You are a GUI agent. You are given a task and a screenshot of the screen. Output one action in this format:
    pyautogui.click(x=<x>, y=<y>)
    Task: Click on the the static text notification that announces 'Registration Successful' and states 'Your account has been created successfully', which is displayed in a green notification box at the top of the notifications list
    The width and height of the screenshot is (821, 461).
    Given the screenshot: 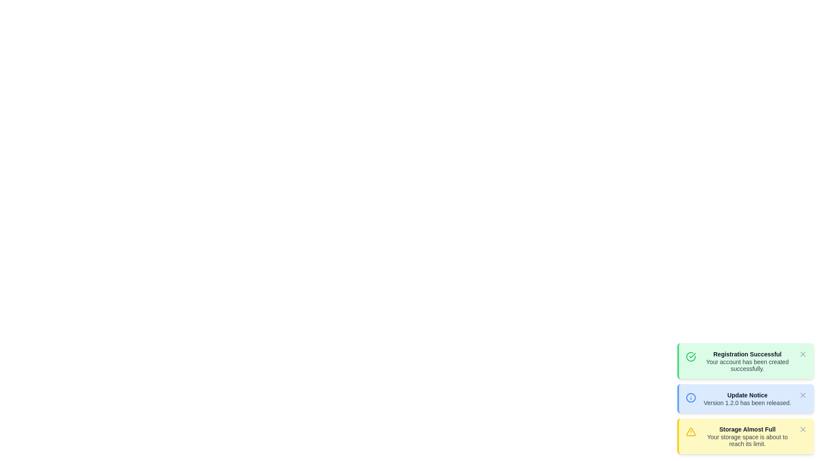 What is the action you would take?
    pyautogui.click(x=747, y=361)
    